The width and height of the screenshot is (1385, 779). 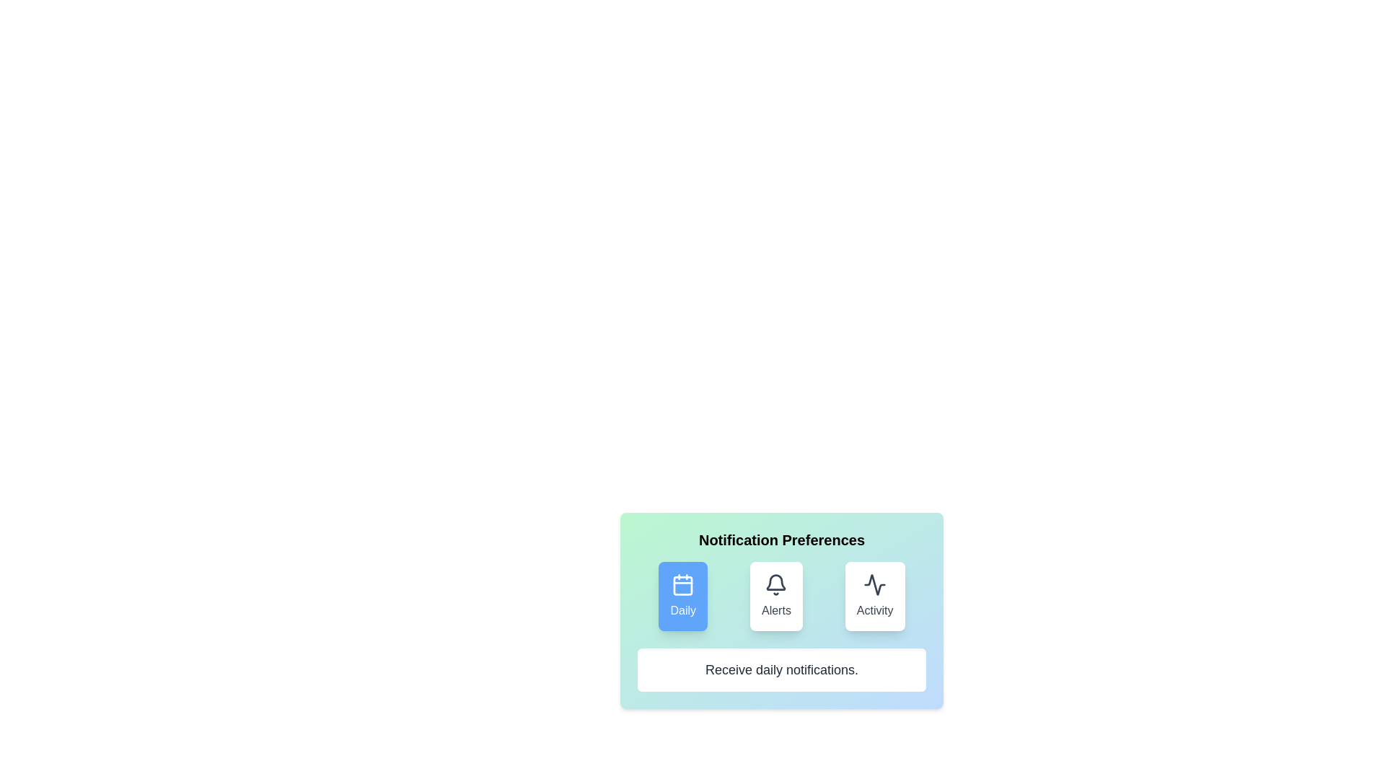 What do you see at coordinates (874, 596) in the screenshot?
I see `the button labeled 'Activity' to see its hover effect` at bounding box center [874, 596].